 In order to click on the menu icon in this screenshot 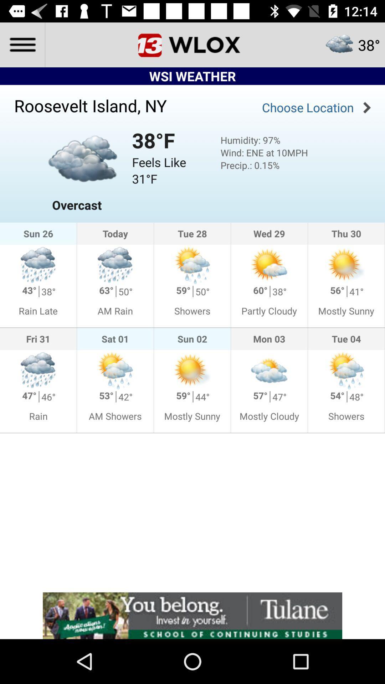, I will do `click(22, 44)`.